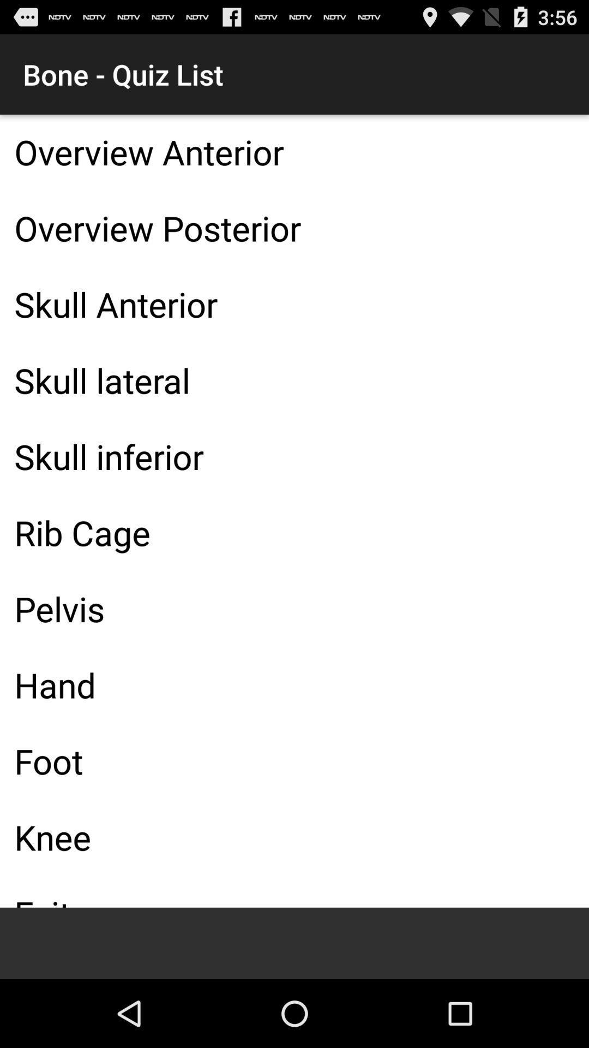 Image resolution: width=589 pixels, height=1048 pixels. What do you see at coordinates (294, 532) in the screenshot?
I see `the app below the skull inferior` at bounding box center [294, 532].